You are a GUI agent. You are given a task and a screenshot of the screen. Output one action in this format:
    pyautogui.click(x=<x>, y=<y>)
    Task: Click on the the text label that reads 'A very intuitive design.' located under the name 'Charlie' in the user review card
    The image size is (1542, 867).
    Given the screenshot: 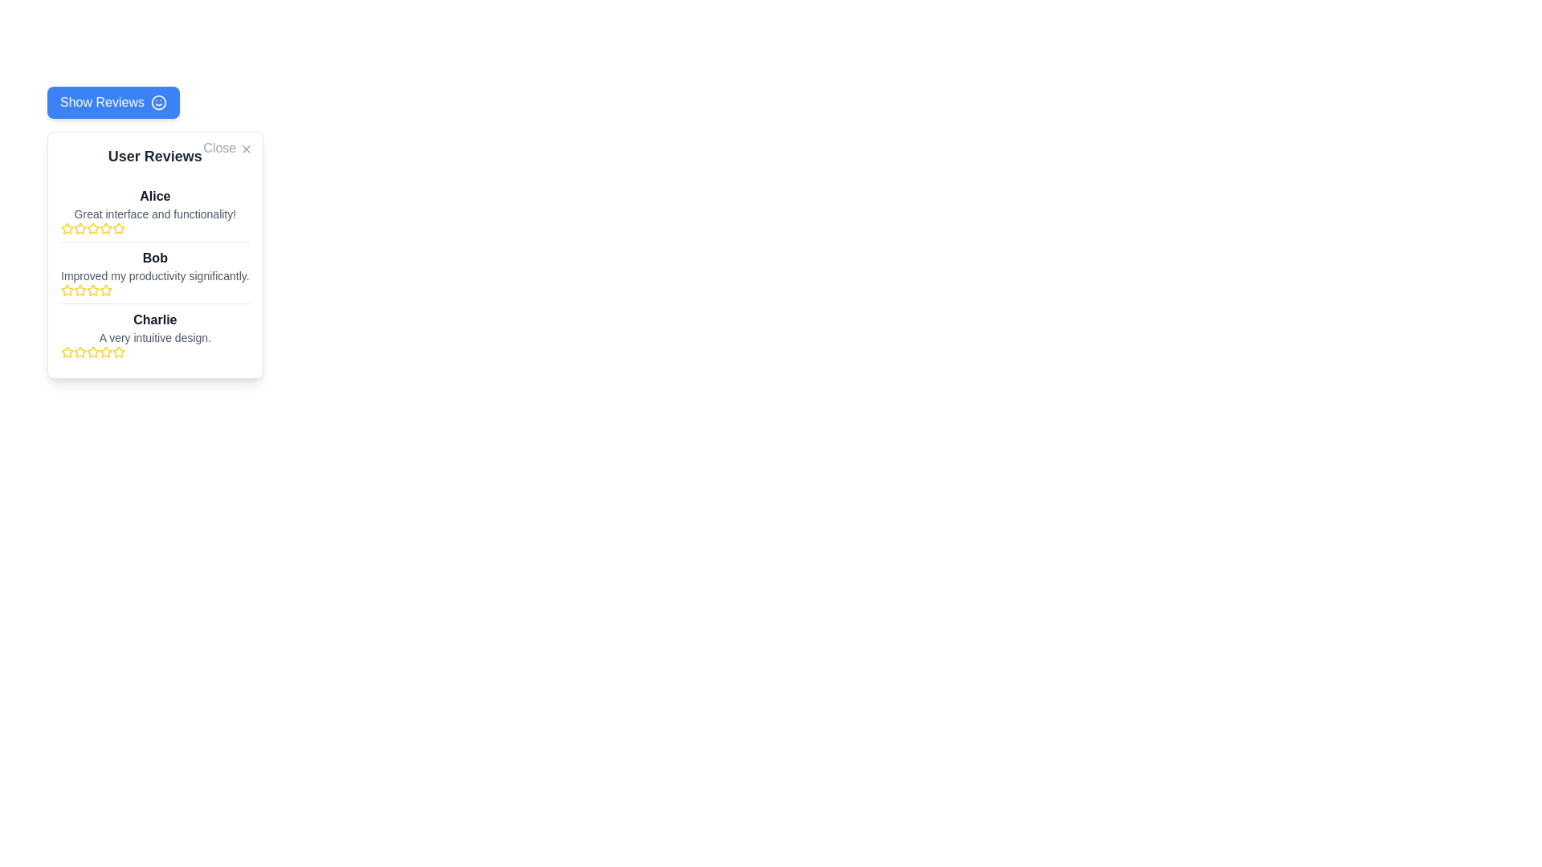 What is the action you would take?
    pyautogui.click(x=155, y=336)
    